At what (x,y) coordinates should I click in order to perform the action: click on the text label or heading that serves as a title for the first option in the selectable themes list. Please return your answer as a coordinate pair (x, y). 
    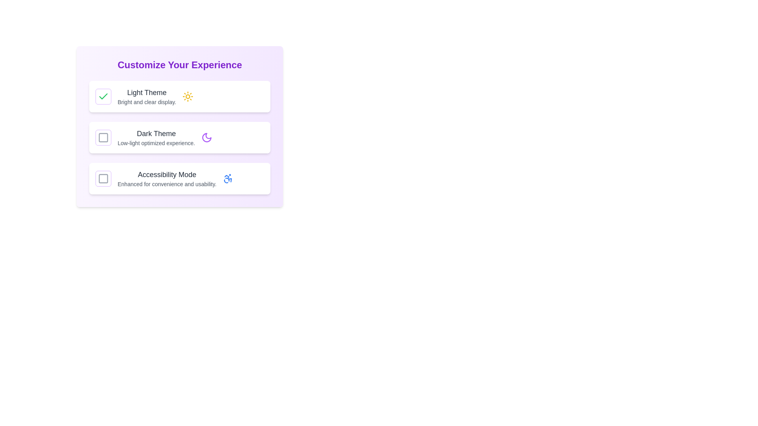
    Looking at the image, I should click on (147, 92).